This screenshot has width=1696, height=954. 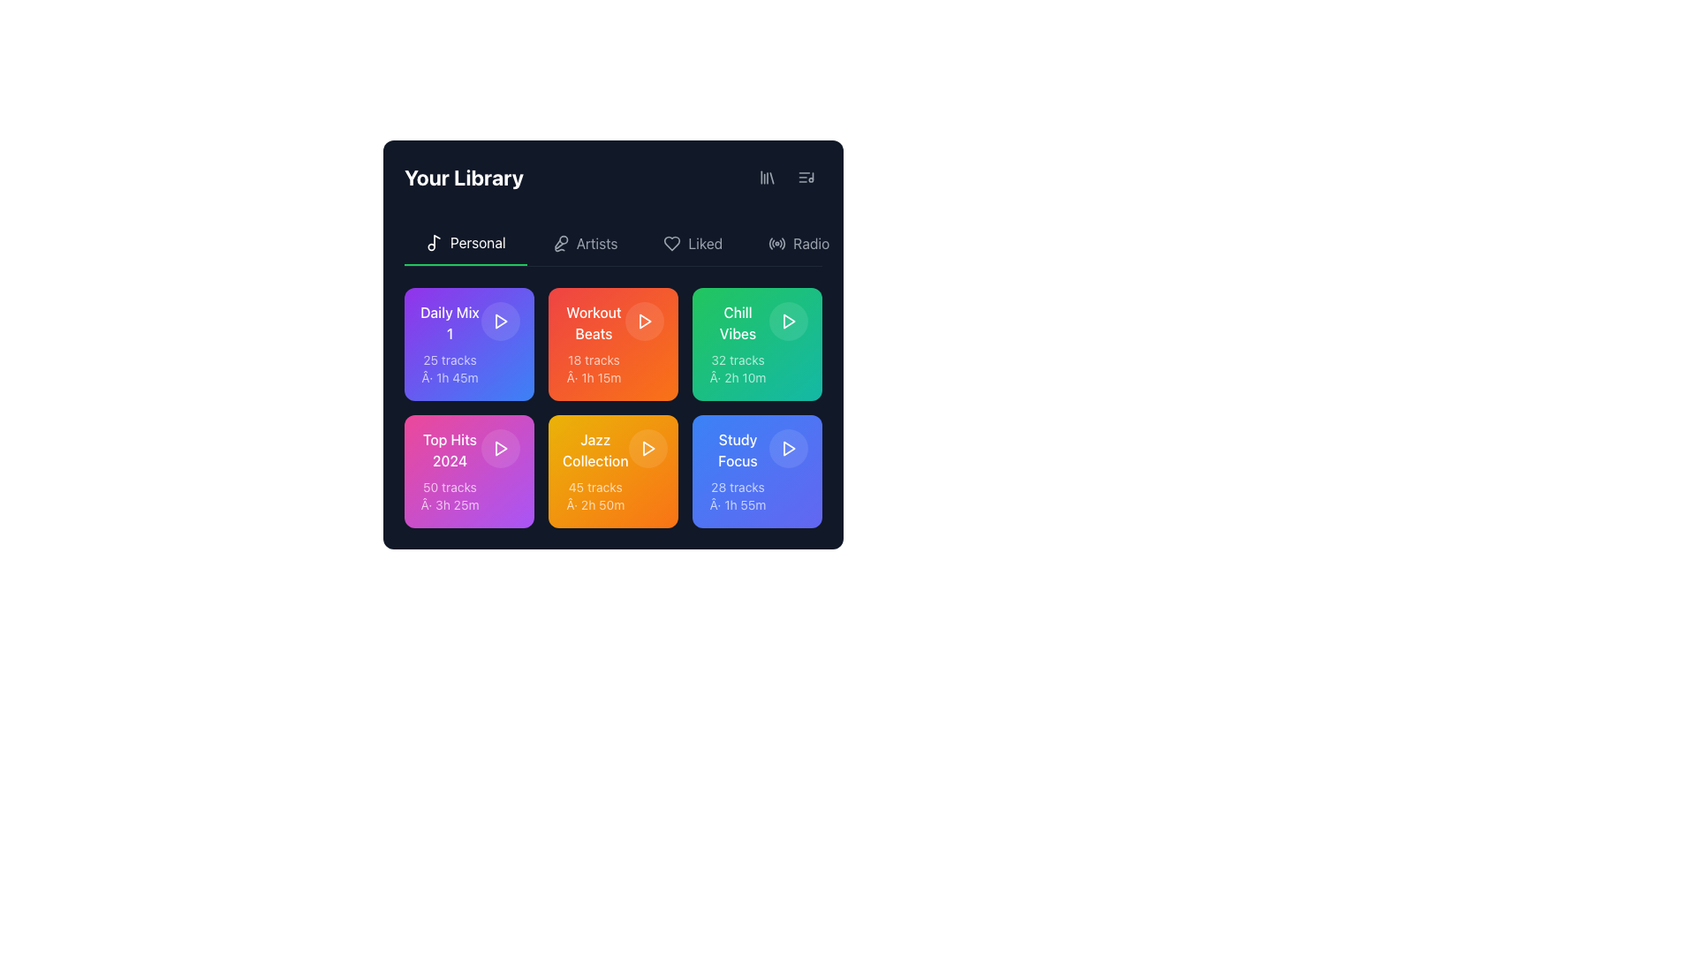 I want to click on text content of the 'Workout Beats' label located at the center of the corresponding tile in the first row and second column of the playlist grid, so click(x=594, y=323).